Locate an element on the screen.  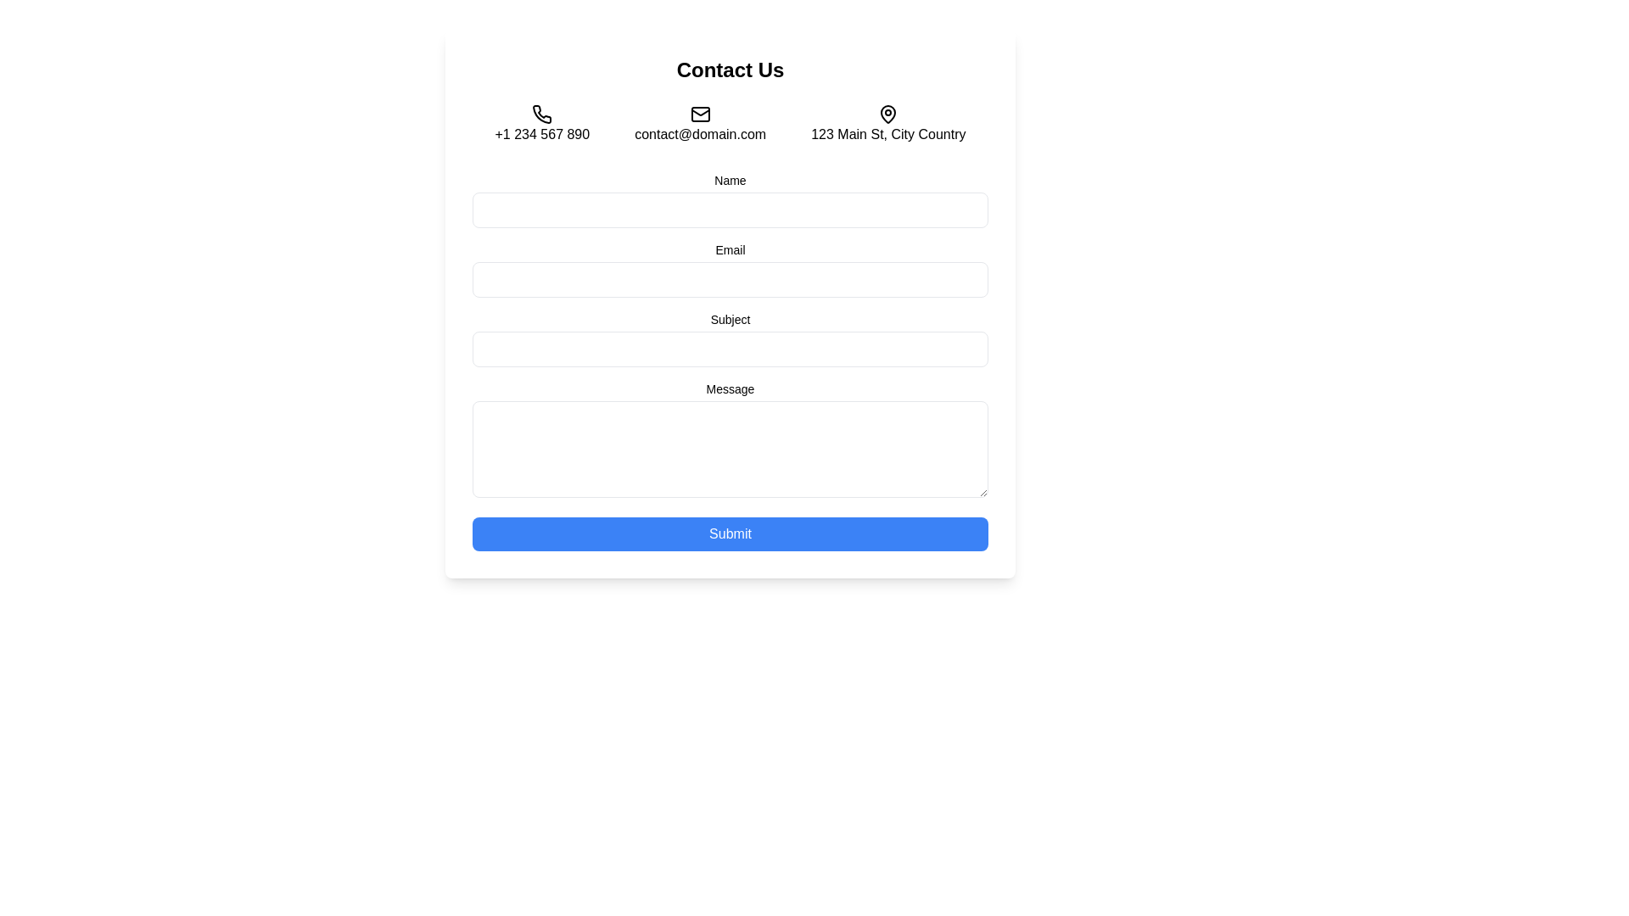
the main body of the envelope icon in the 'Contact Us' section, which visually represents email communications is located at coordinates (700, 114).